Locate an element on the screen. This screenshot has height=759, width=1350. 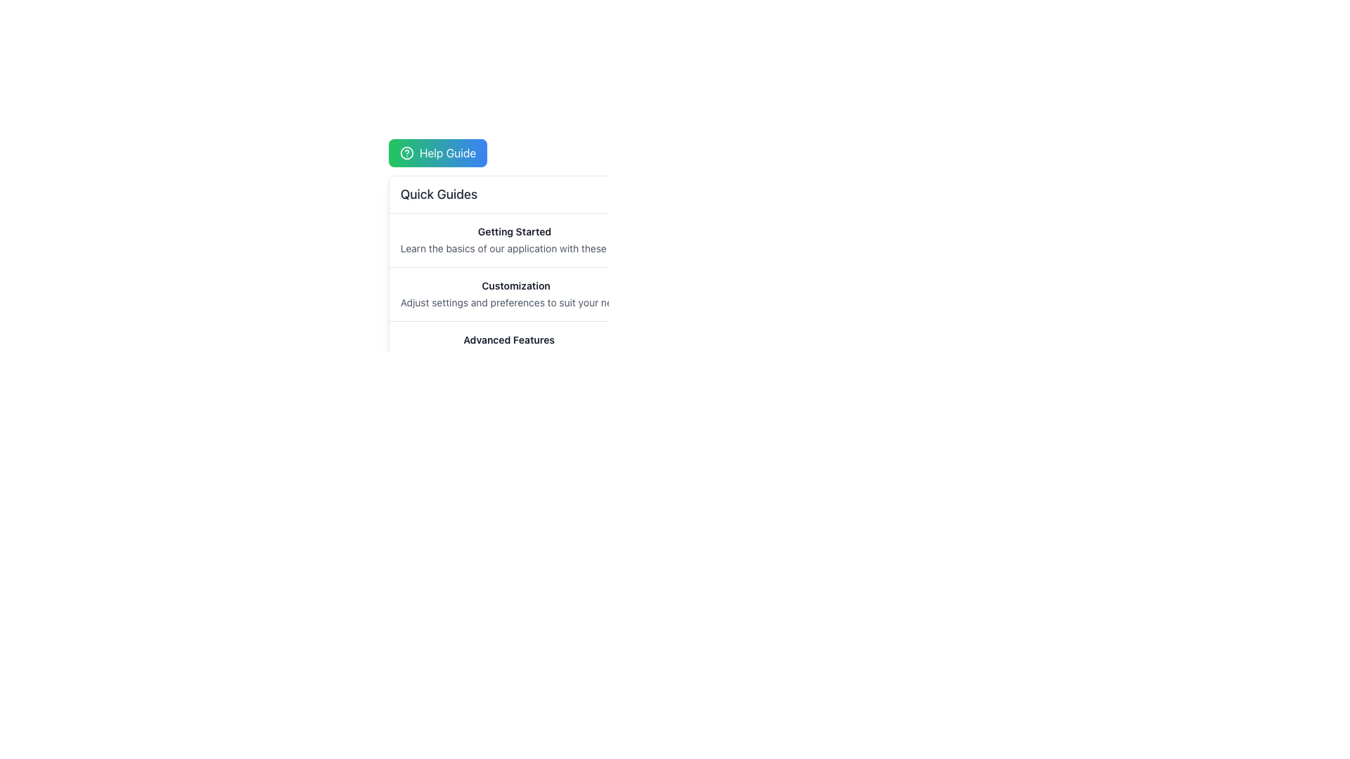
the Text Label that serves as a section heading for customizing settings, located above the text 'Adjust settings and preferences...' and below the 'Getting Started' section in the menu is located at coordinates (515, 285).